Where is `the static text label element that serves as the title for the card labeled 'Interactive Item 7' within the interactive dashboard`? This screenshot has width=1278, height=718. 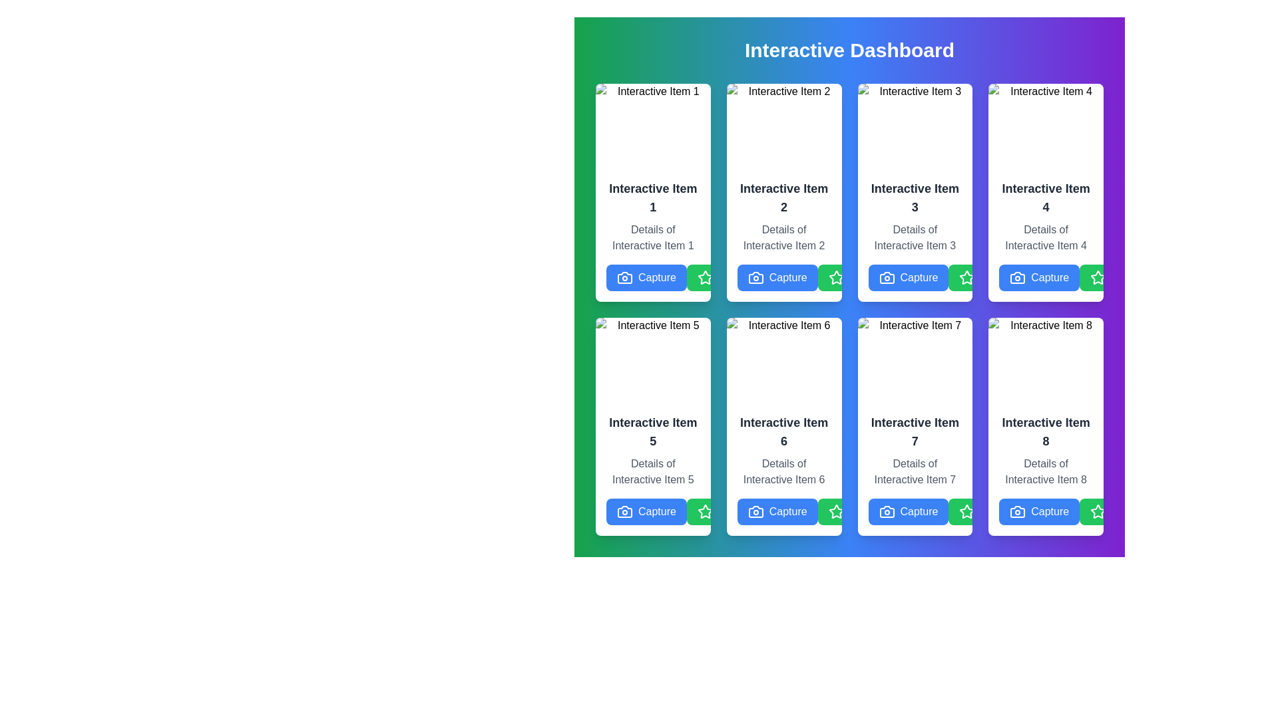
the static text label element that serves as the title for the card labeled 'Interactive Item 7' within the interactive dashboard is located at coordinates (914, 432).